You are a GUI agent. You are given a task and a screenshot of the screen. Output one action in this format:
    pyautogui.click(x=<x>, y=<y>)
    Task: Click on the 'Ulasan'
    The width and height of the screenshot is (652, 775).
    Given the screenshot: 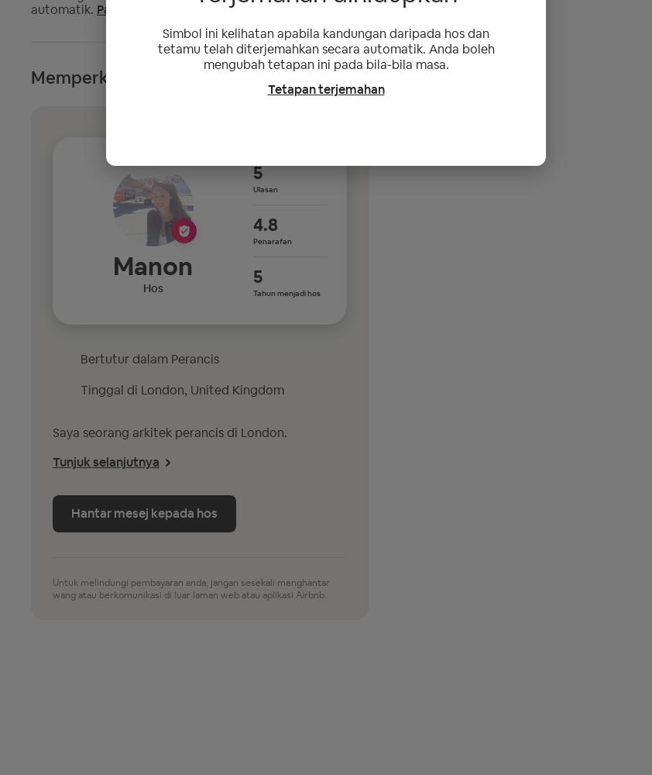 What is the action you would take?
    pyautogui.click(x=265, y=188)
    